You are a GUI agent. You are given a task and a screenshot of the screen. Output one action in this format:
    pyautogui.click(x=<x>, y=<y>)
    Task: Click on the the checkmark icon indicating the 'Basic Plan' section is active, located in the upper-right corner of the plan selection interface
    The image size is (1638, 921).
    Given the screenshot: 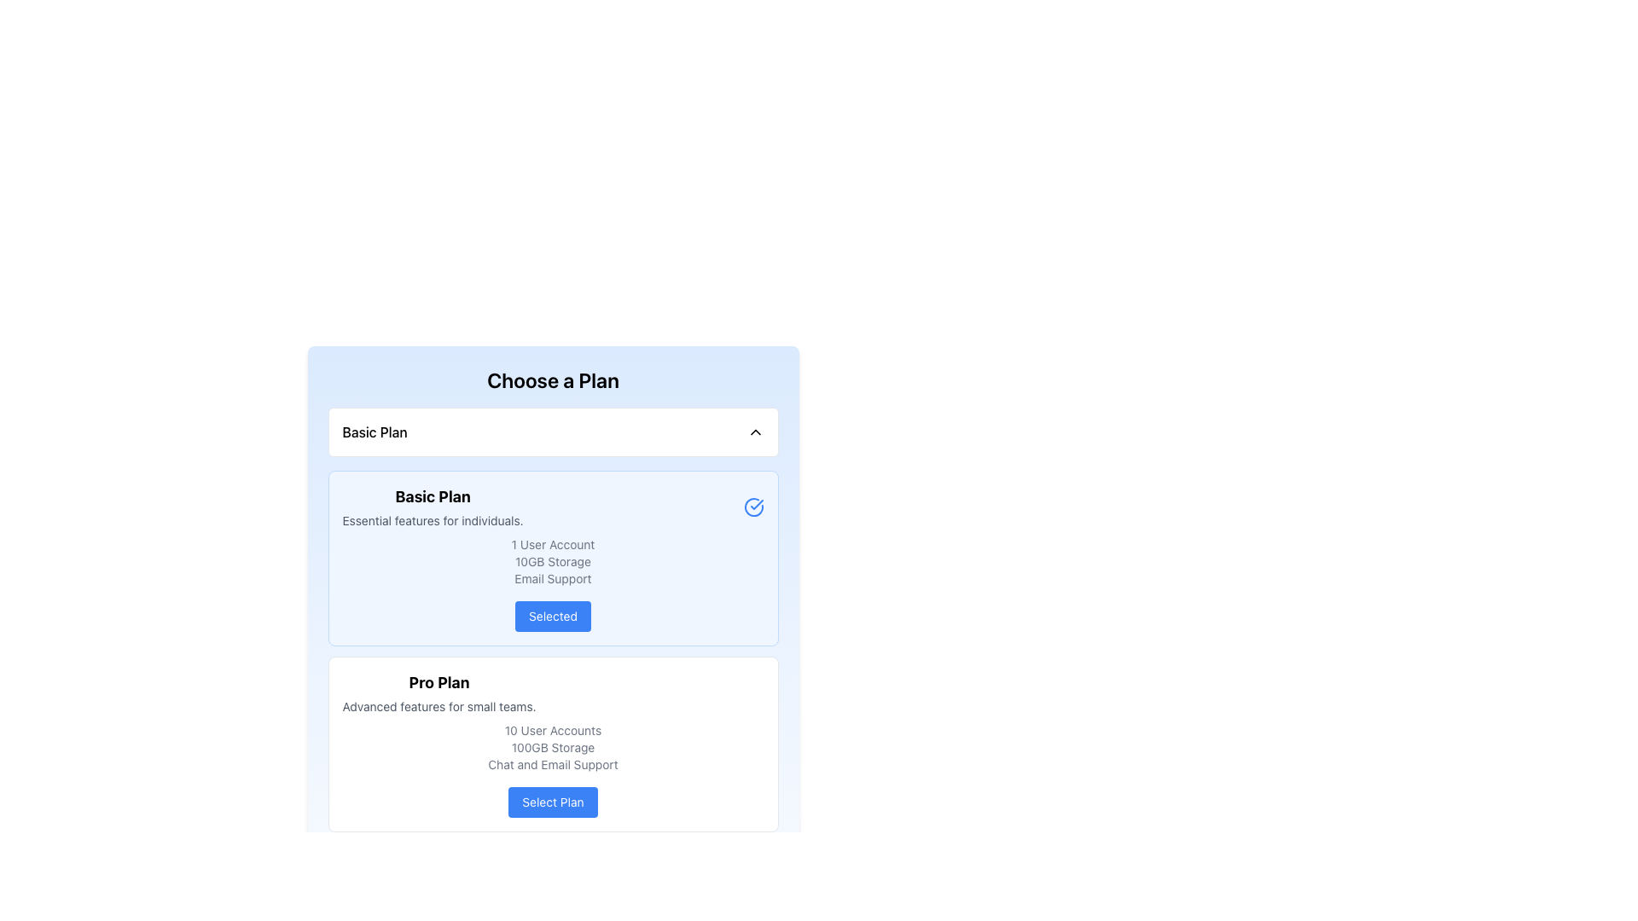 What is the action you would take?
    pyautogui.click(x=756, y=503)
    